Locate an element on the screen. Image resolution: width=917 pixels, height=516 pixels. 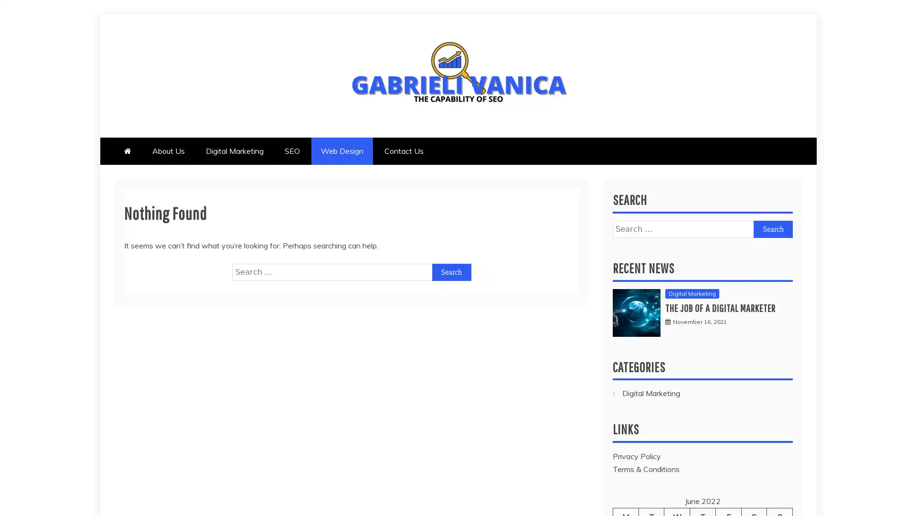
Search is located at coordinates (773, 228).